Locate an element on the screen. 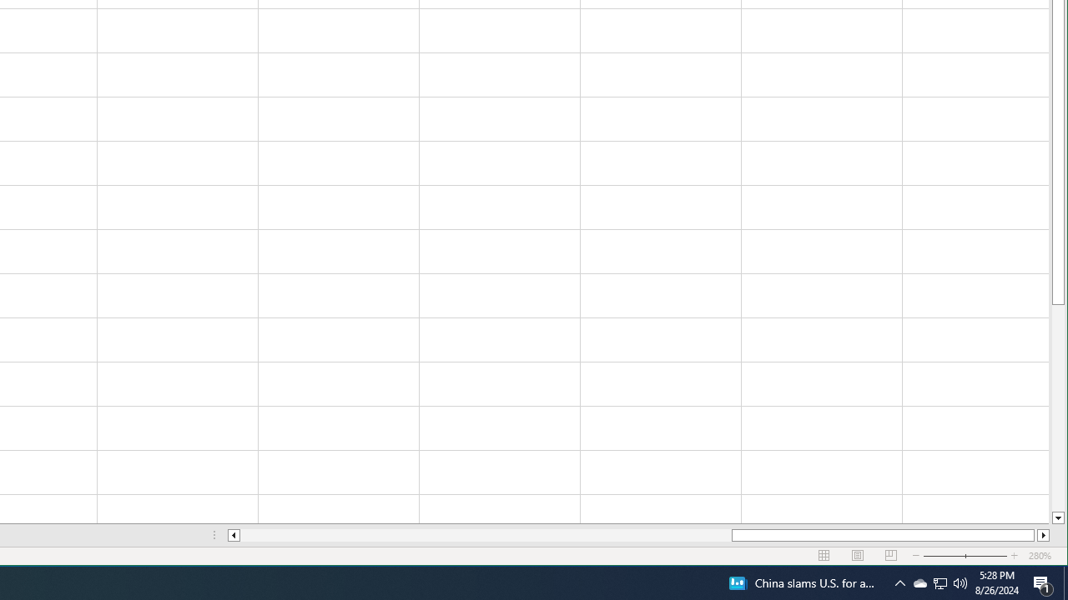 This screenshot has width=1068, height=600. 'Line down' is located at coordinates (1057, 517).